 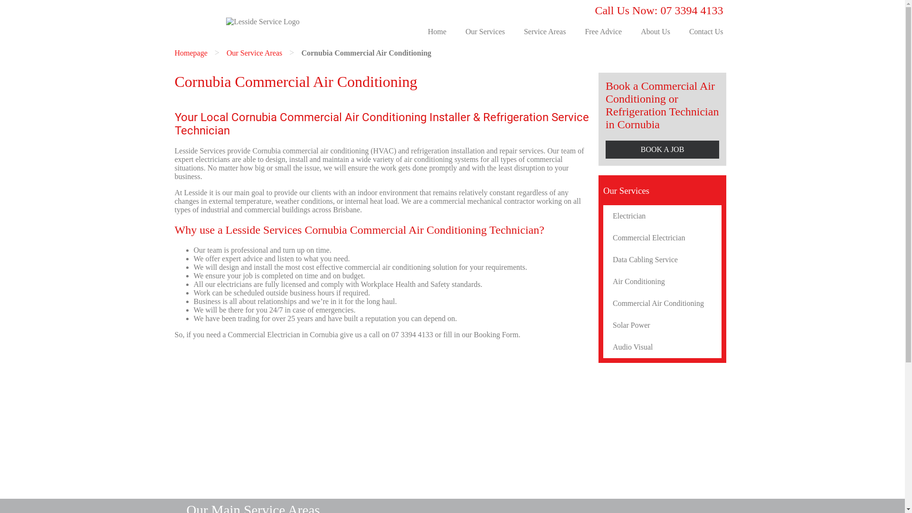 What do you see at coordinates (437, 31) in the screenshot?
I see `'Home'` at bounding box center [437, 31].